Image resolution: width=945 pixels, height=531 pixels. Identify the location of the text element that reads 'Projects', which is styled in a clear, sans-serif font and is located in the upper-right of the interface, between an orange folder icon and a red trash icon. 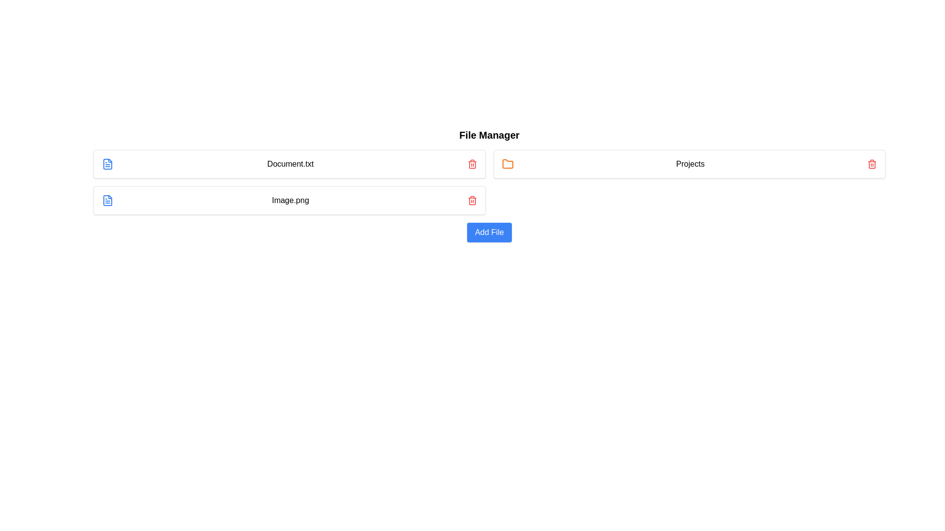
(690, 164).